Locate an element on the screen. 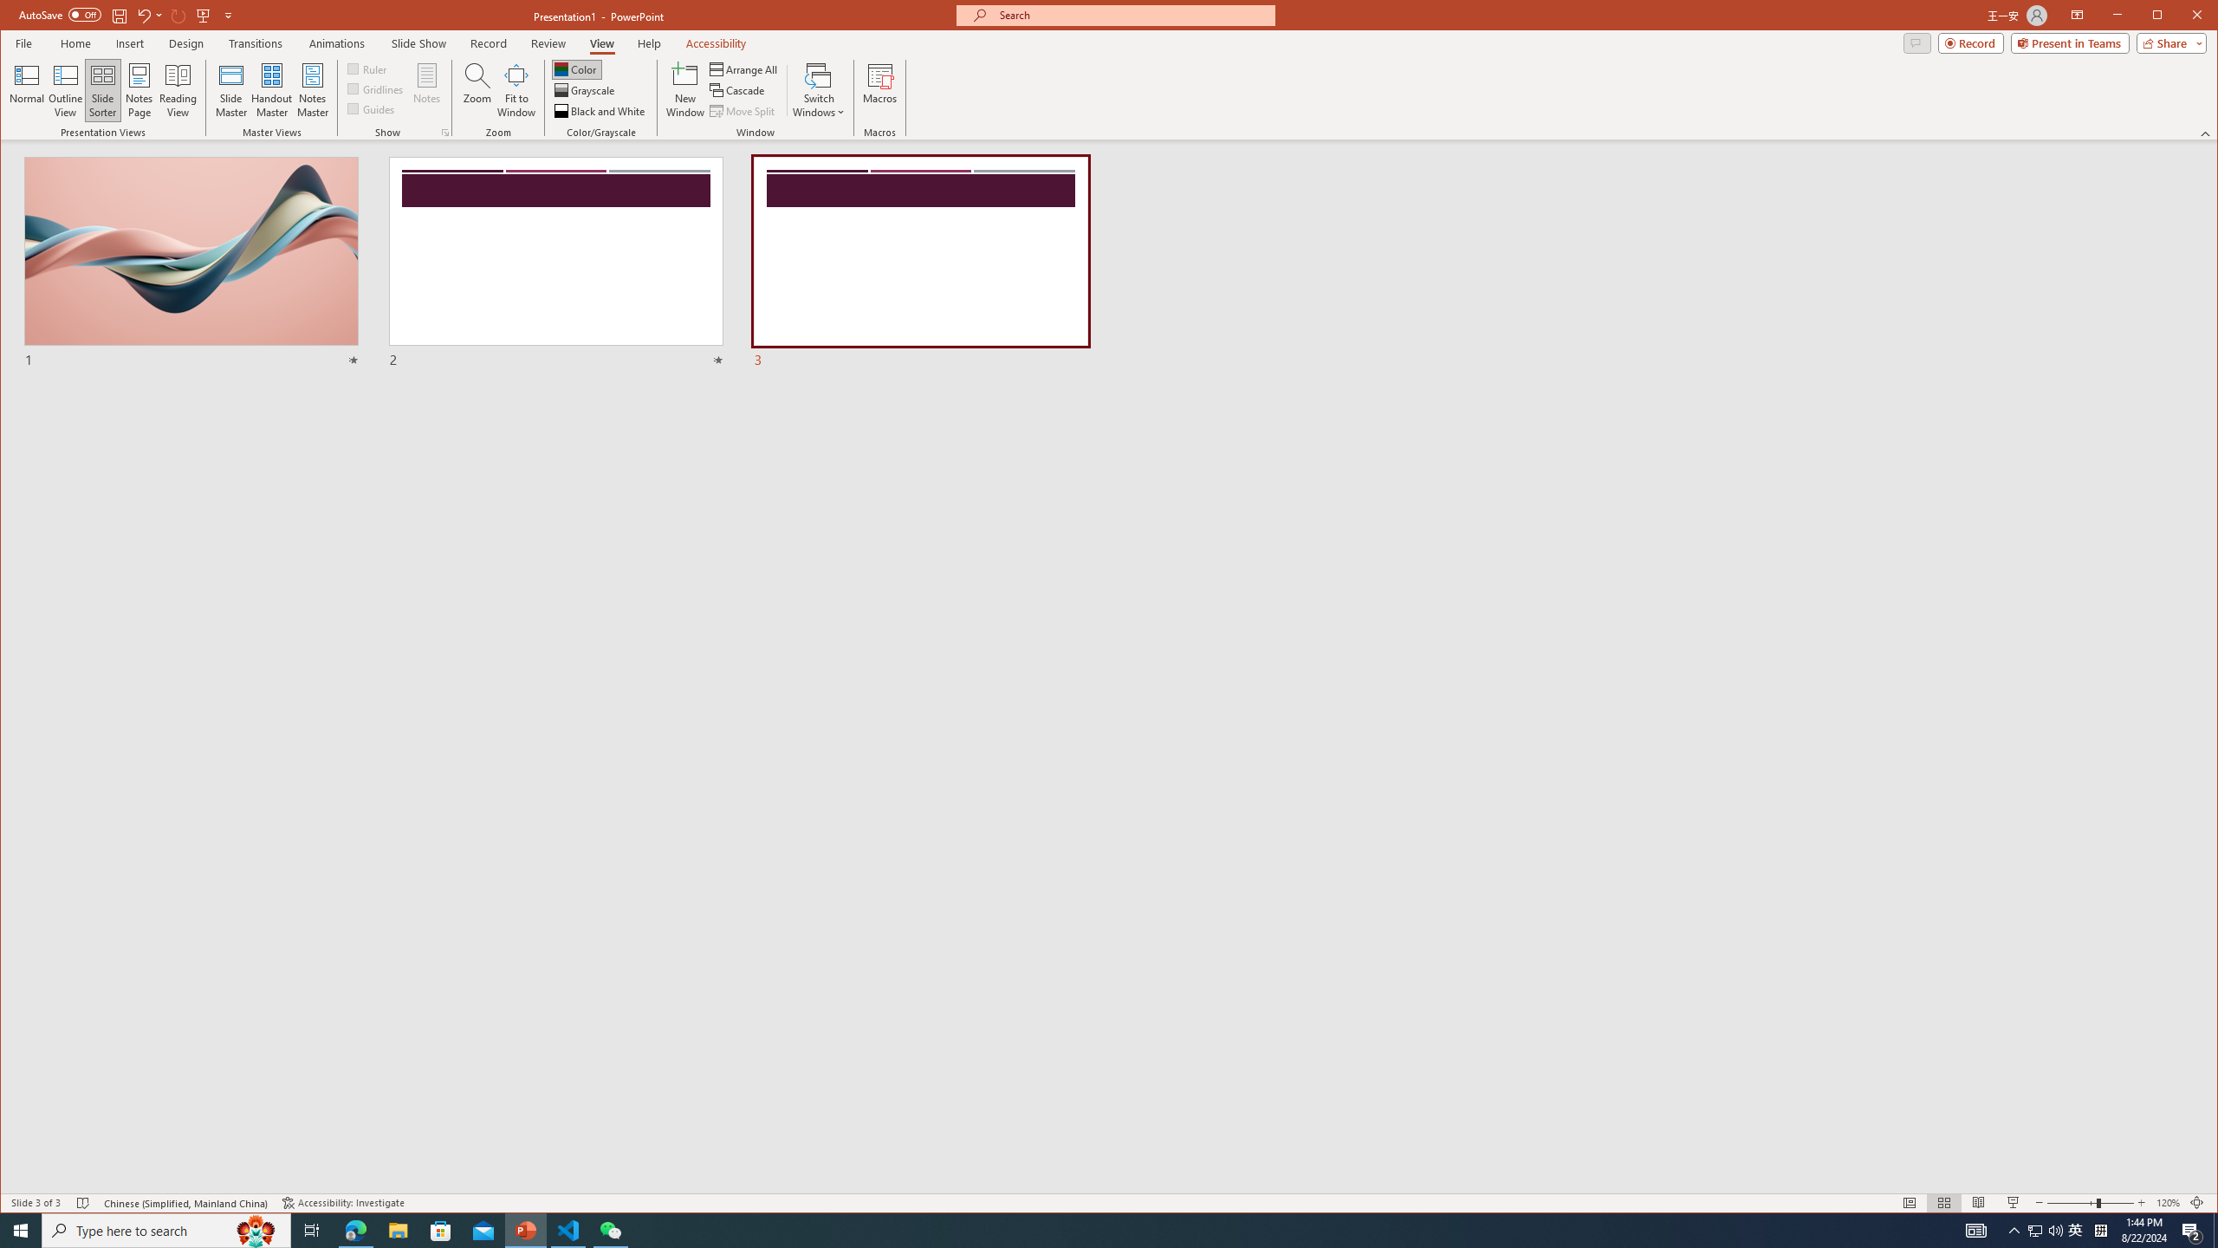 This screenshot has height=1248, width=2218. 'Cascade' is located at coordinates (737, 90).